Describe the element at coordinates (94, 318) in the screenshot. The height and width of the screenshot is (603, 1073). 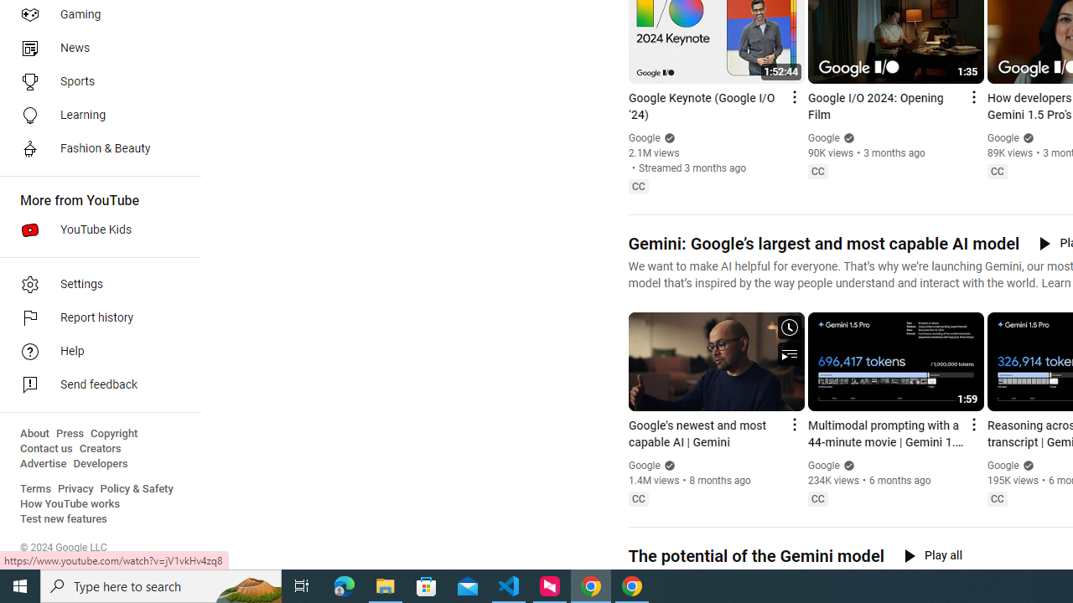
I see `'Report history'` at that location.